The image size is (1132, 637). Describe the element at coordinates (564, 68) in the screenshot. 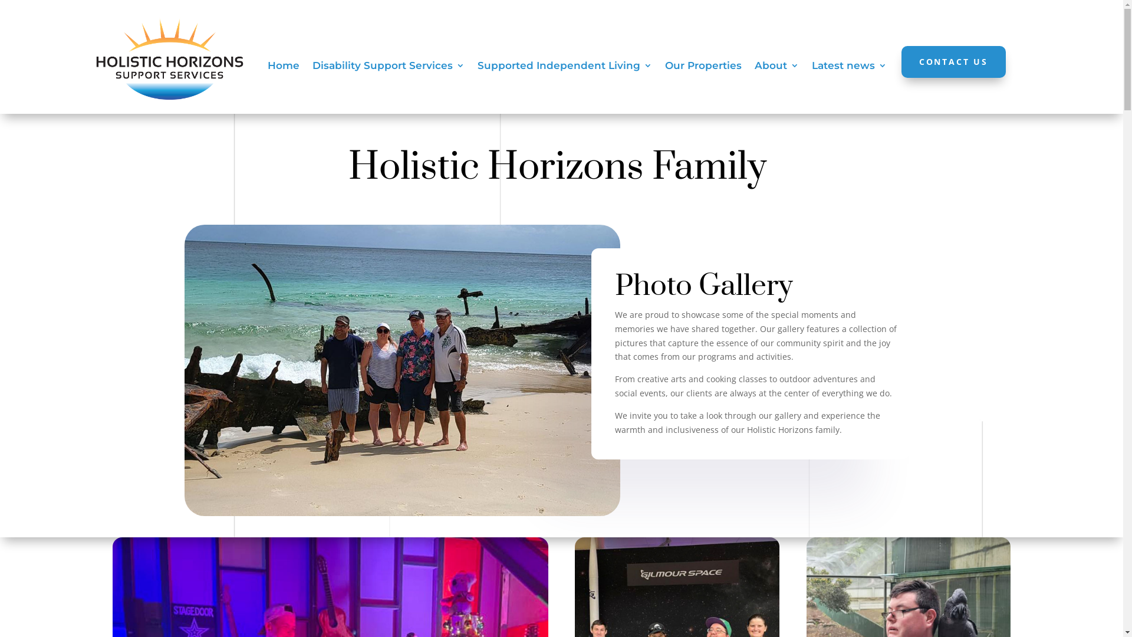

I see `'Supported Independent Living'` at that location.